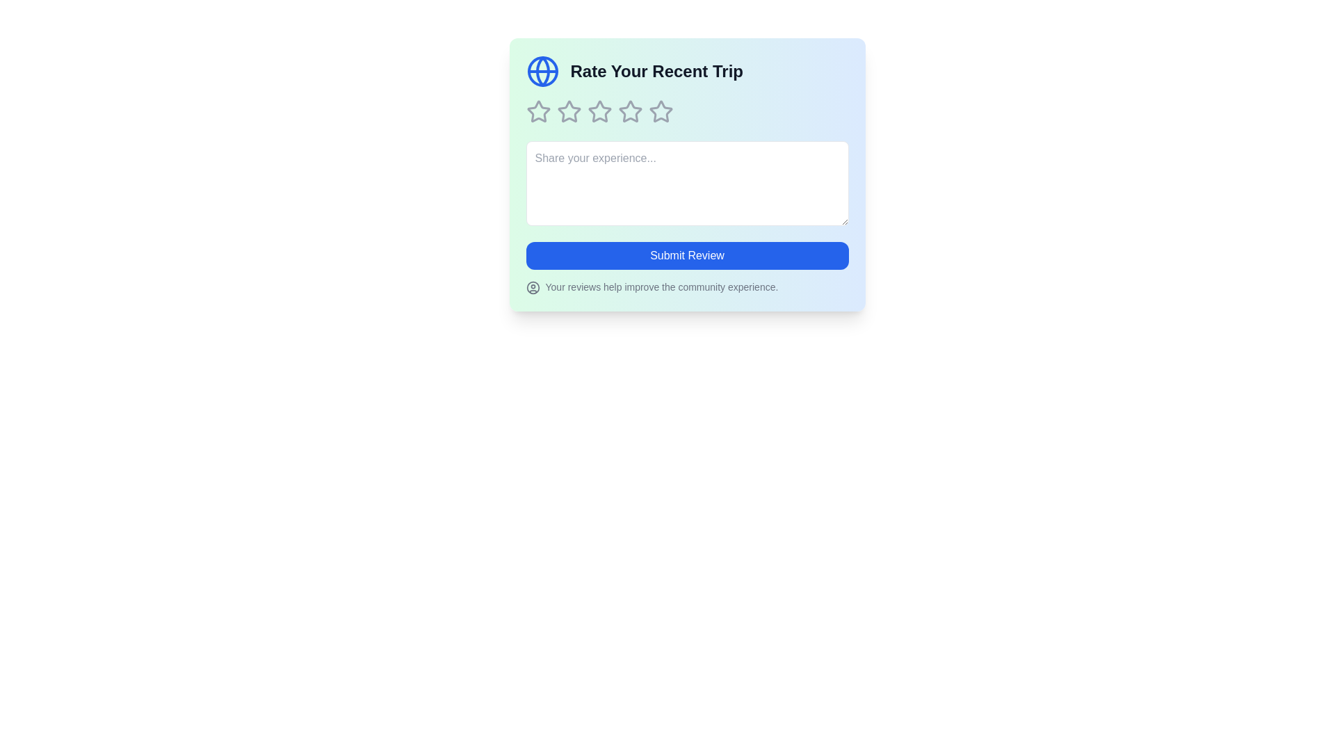 This screenshot has width=1335, height=751. What do you see at coordinates (629, 111) in the screenshot?
I see `the star corresponding to 4` at bounding box center [629, 111].